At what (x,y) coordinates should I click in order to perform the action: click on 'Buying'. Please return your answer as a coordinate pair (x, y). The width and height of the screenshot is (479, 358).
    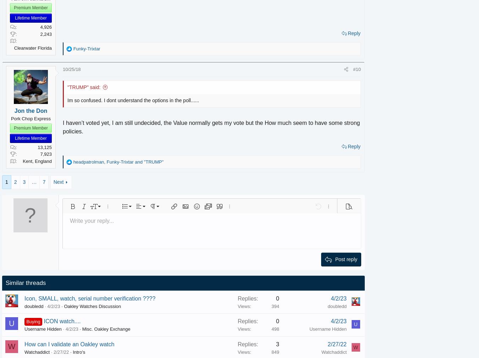
    Looking at the image, I should click on (43, 321).